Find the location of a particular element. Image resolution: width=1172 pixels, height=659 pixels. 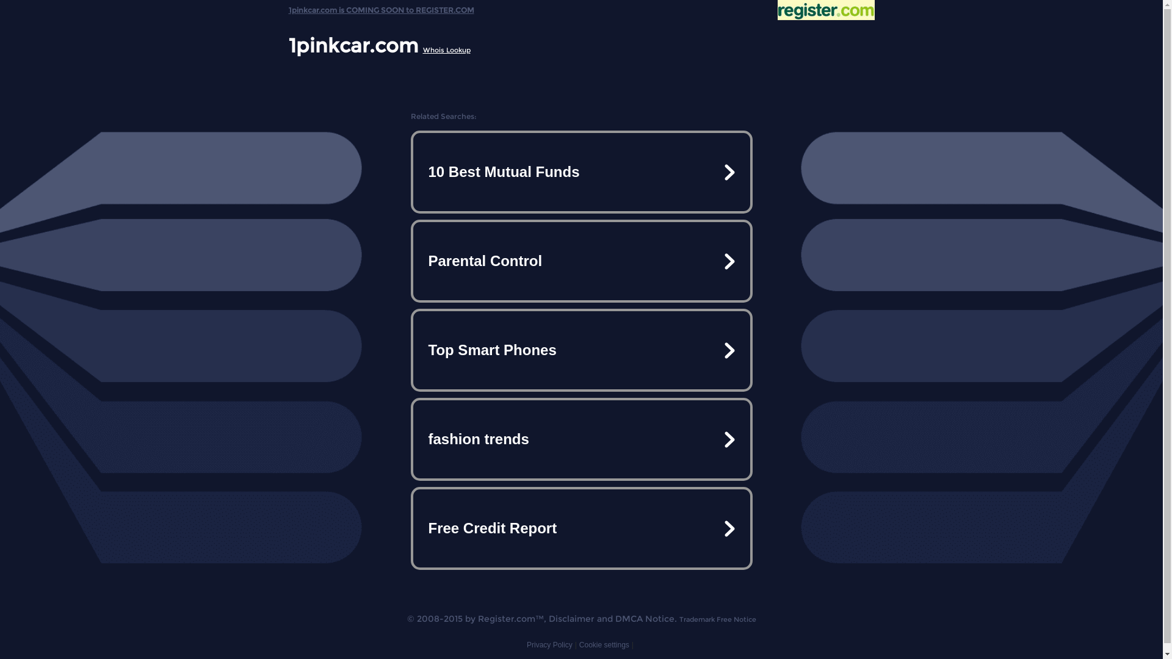

'Parental Control' is located at coordinates (413, 261).